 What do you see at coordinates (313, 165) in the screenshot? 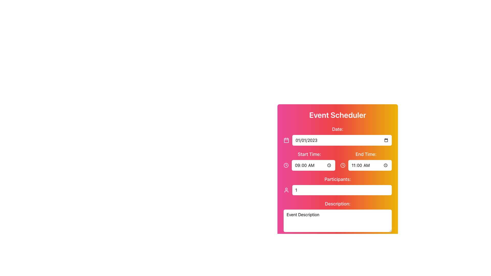
I see `the Time picker input field labeled '09:00 AM' in the 'Start Time' section of the Event Scheduler form` at bounding box center [313, 165].